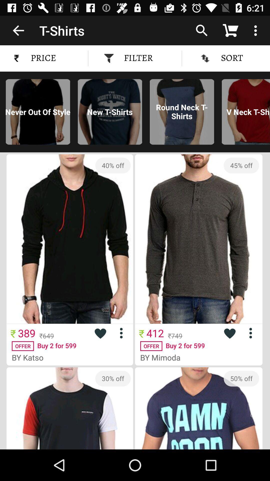  Describe the element at coordinates (18, 30) in the screenshot. I see `app next to the t-shirts icon` at that location.